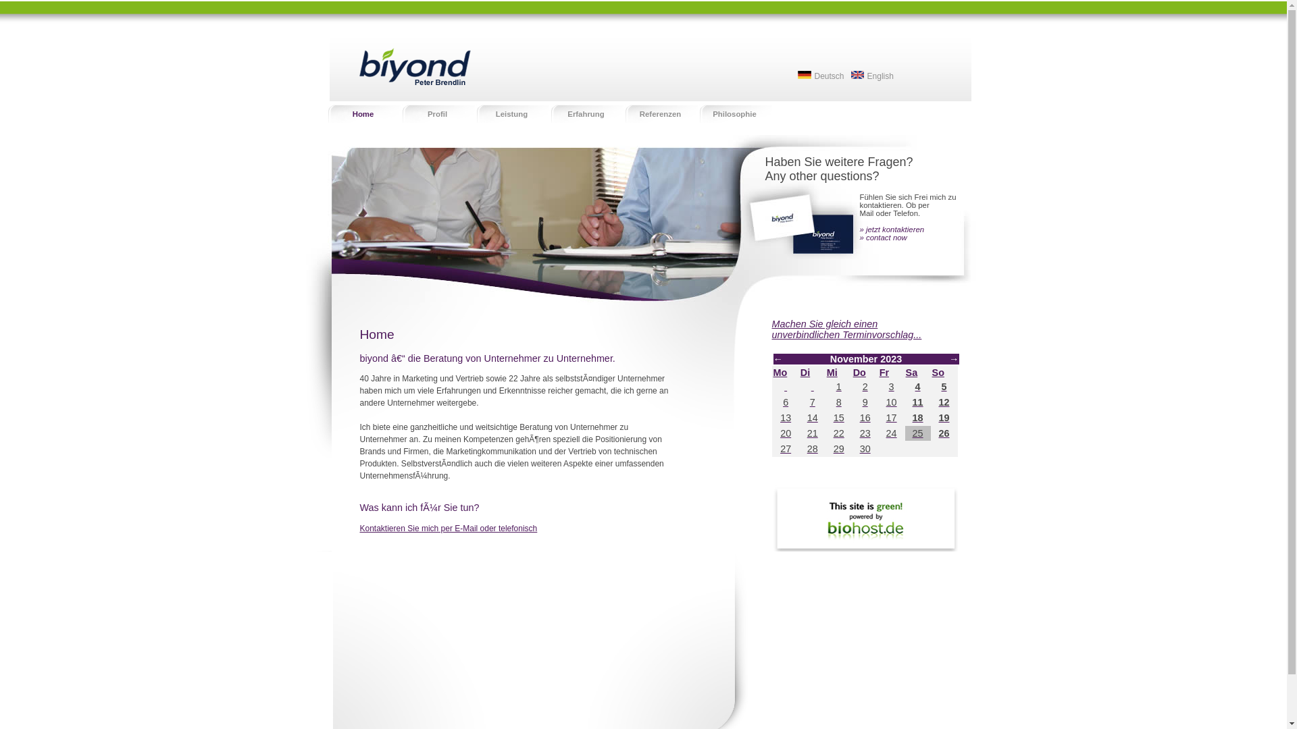 This screenshot has width=1297, height=729. I want to click on '25', so click(917, 433).